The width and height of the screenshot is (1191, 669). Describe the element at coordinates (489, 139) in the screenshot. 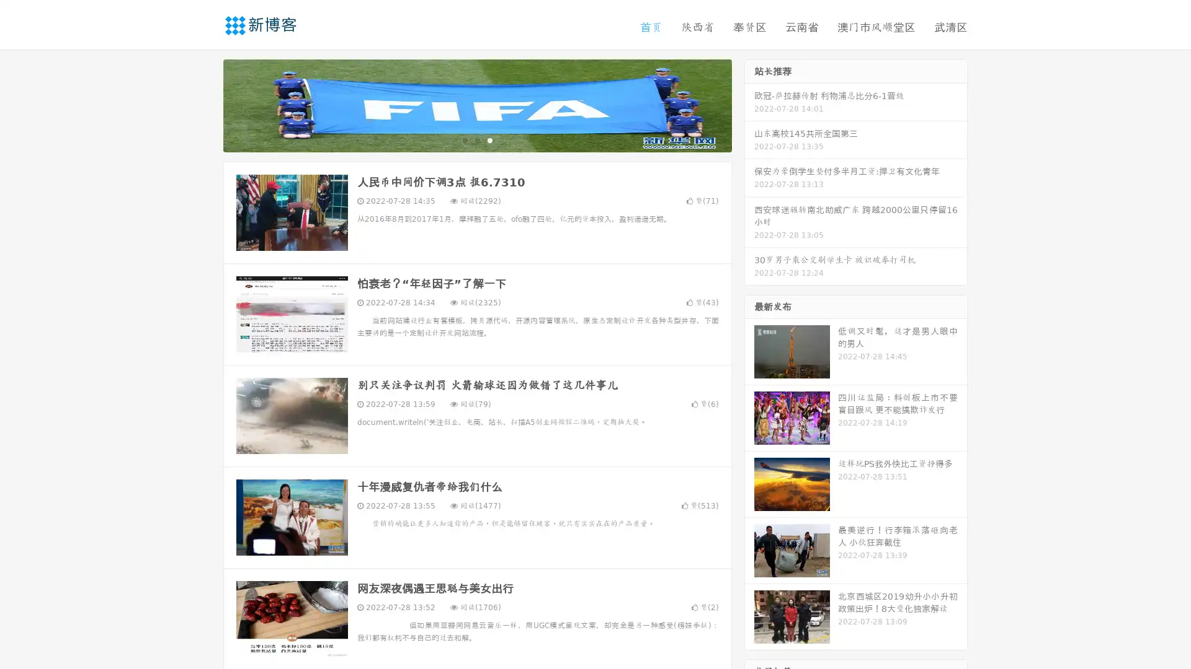

I see `Go to slide 3` at that location.